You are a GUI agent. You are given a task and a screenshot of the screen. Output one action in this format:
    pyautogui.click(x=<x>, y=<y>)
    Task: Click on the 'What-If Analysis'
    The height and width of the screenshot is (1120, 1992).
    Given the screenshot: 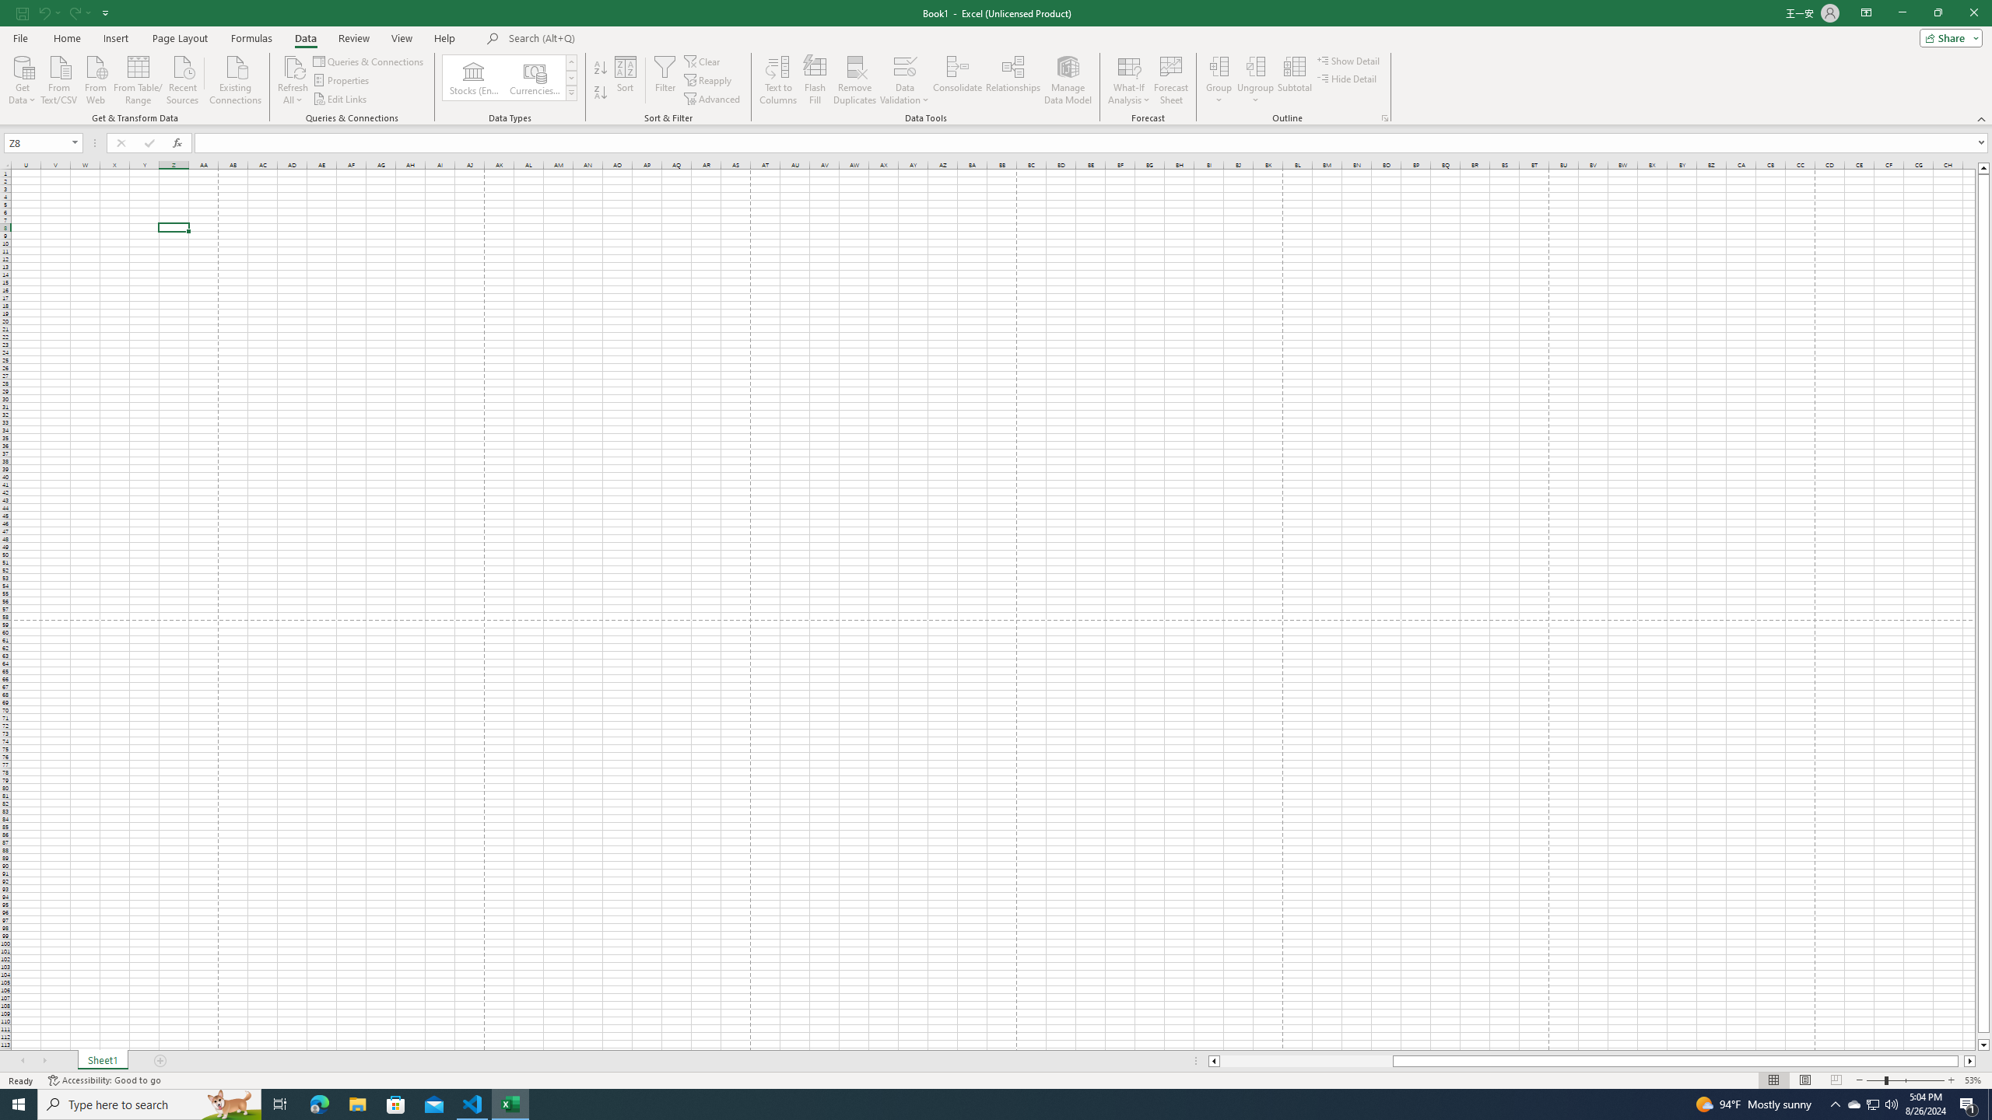 What is the action you would take?
    pyautogui.click(x=1129, y=80)
    